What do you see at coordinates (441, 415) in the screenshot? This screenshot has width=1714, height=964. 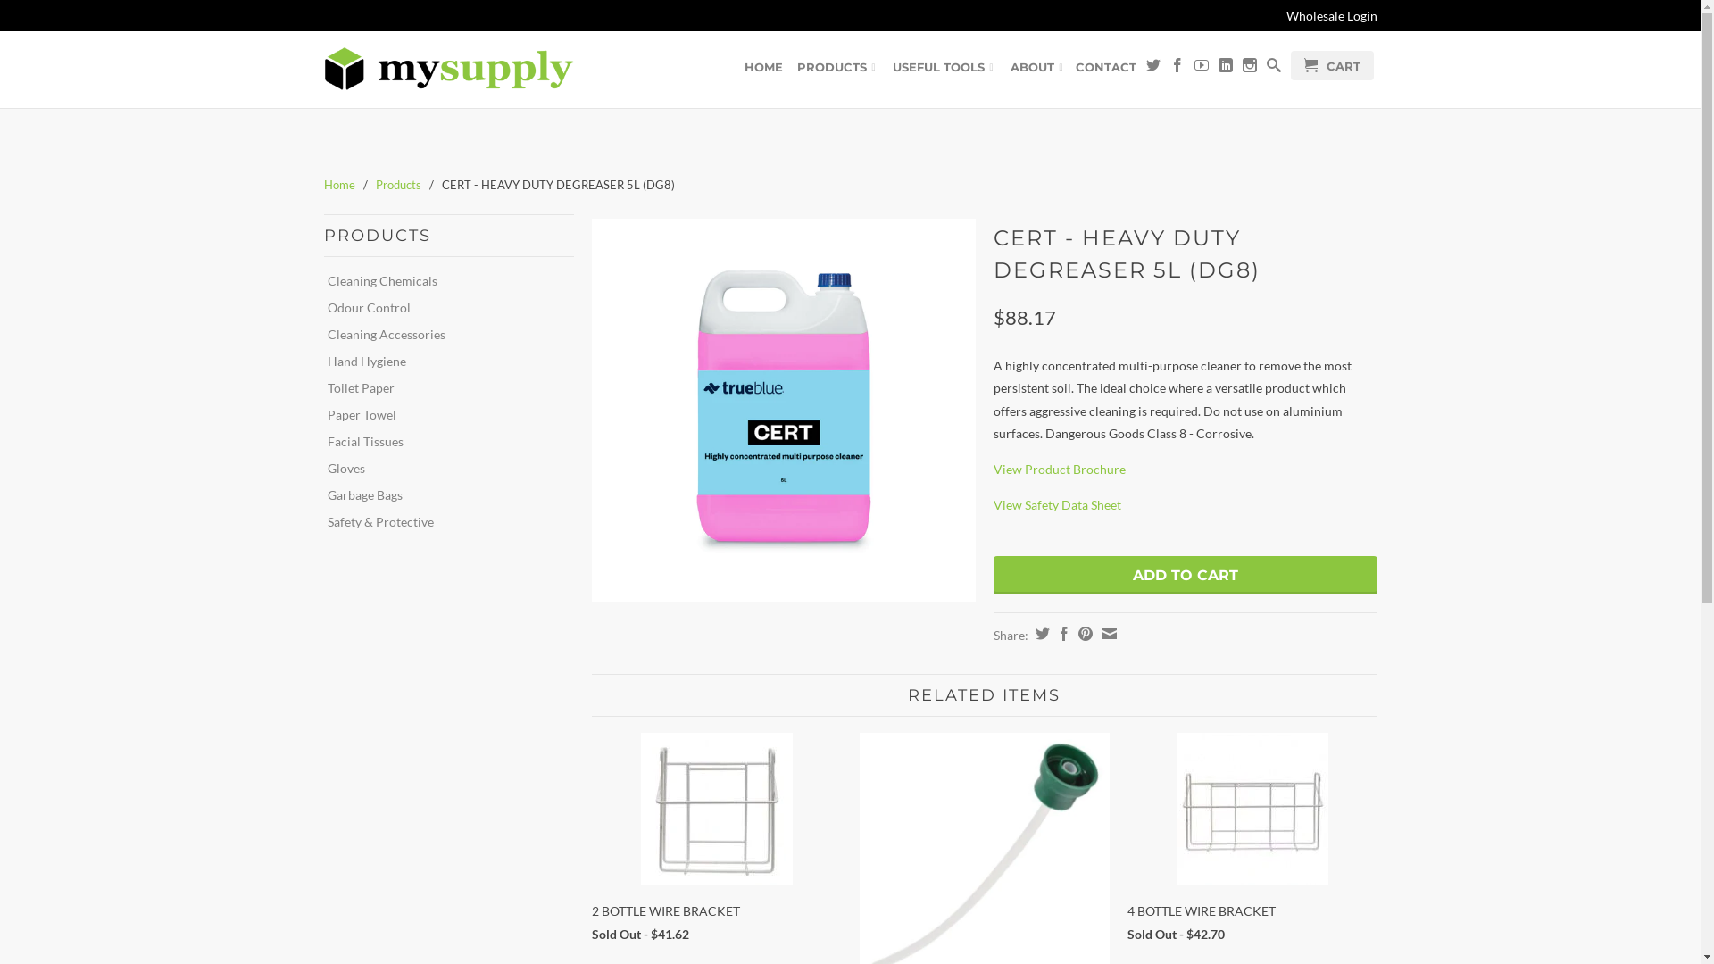 I see `'Paper Towel'` at bounding box center [441, 415].